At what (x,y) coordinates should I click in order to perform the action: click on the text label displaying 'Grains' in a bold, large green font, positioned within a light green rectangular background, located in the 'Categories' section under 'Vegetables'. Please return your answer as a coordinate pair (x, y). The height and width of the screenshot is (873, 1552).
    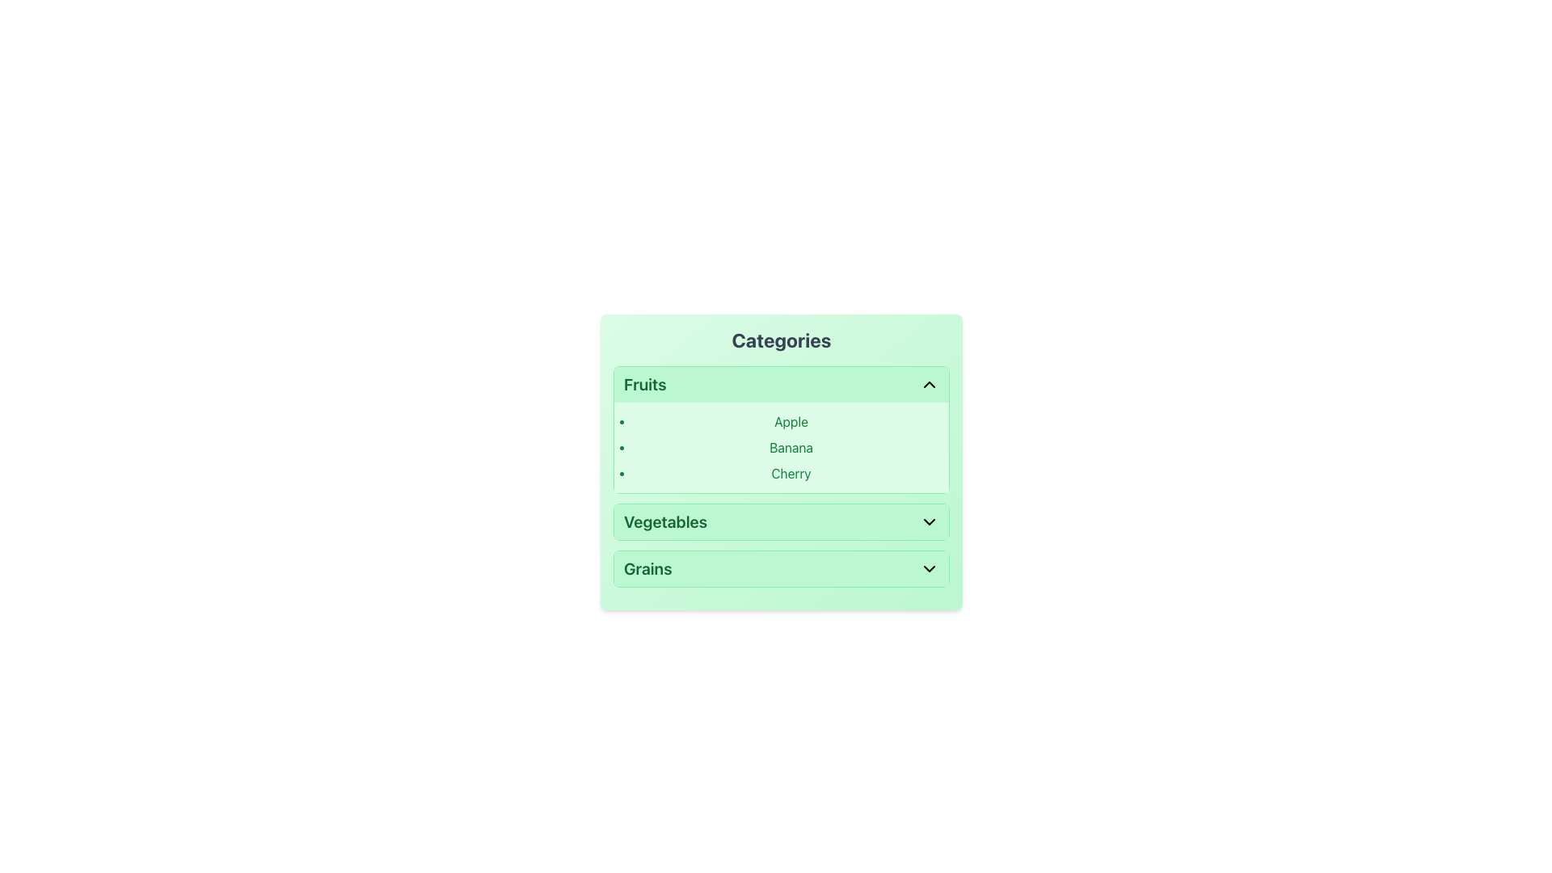
    Looking at the image, I should click on (647, 568).